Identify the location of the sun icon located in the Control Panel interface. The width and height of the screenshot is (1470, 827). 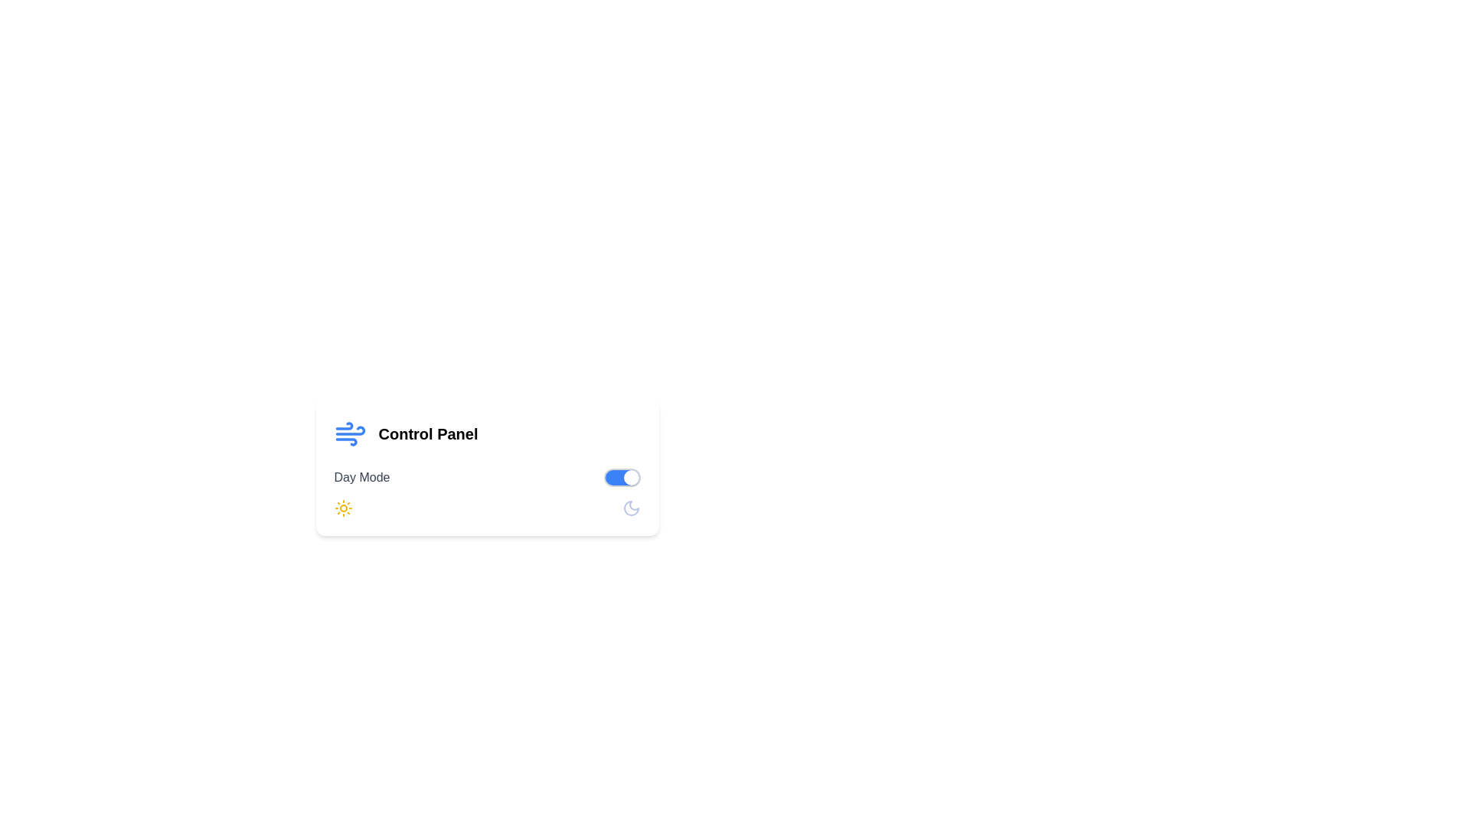
(342, 508).